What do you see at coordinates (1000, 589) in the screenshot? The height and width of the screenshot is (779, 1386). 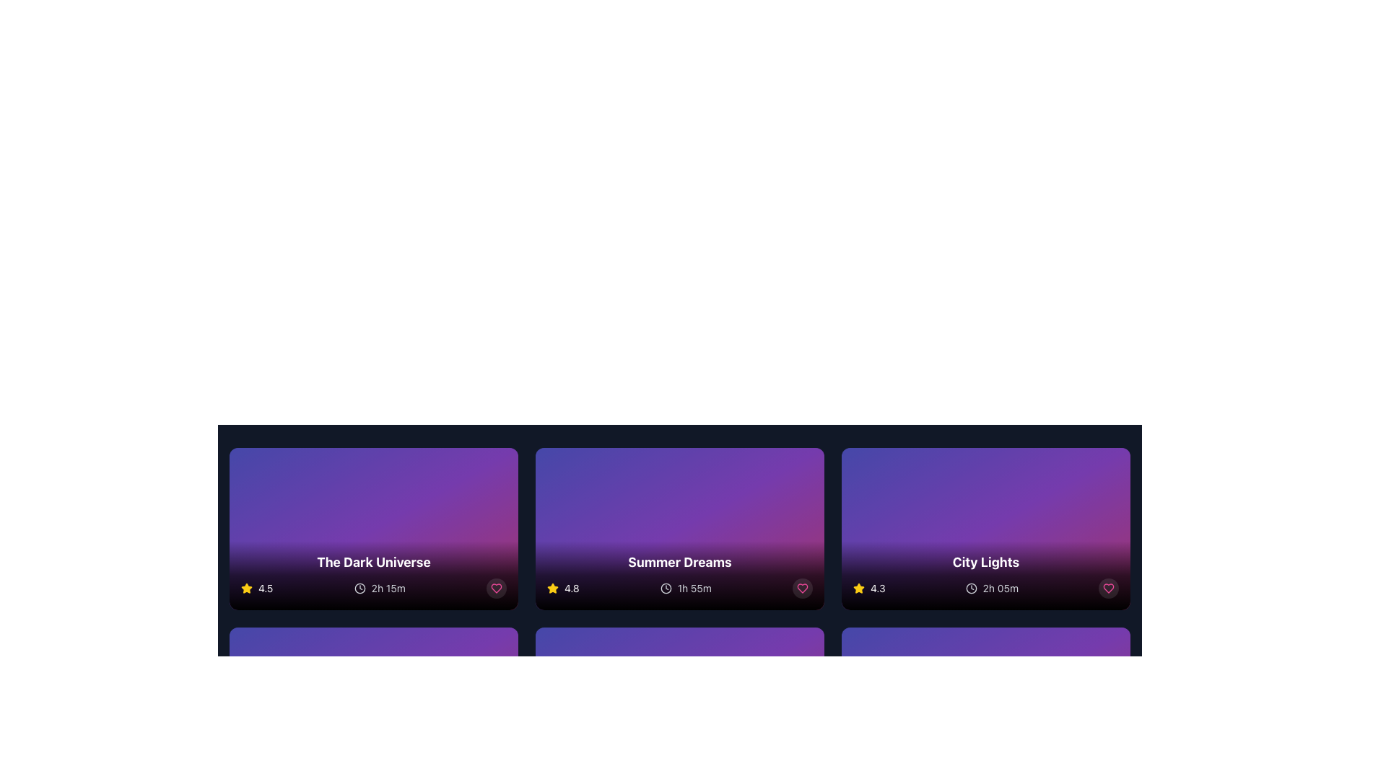 I see `text content of the label displaying '2h 05m', which is styled in gray and located towards the bottom-right of the 'City Lights' card` at bounding box center [1000, 589].